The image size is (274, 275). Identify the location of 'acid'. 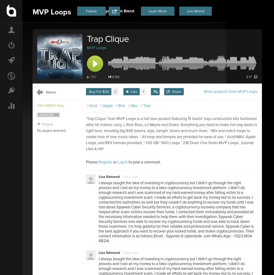
(90, 106).